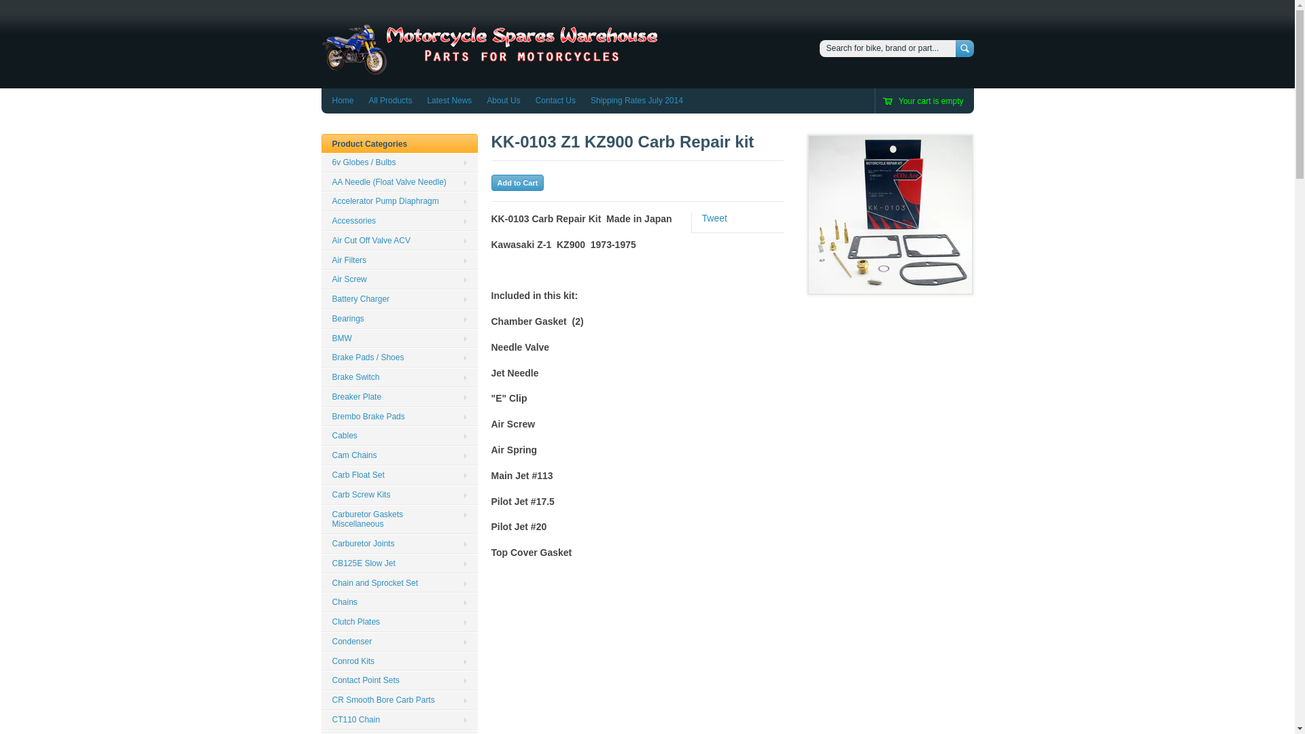 The height and width of the screenshot is (734, 1305). What do you see at coordinates (398, 201) in the screenshot?
I see `'Accelerator Pump Diaphragm'` at bounding box center [398, 201].